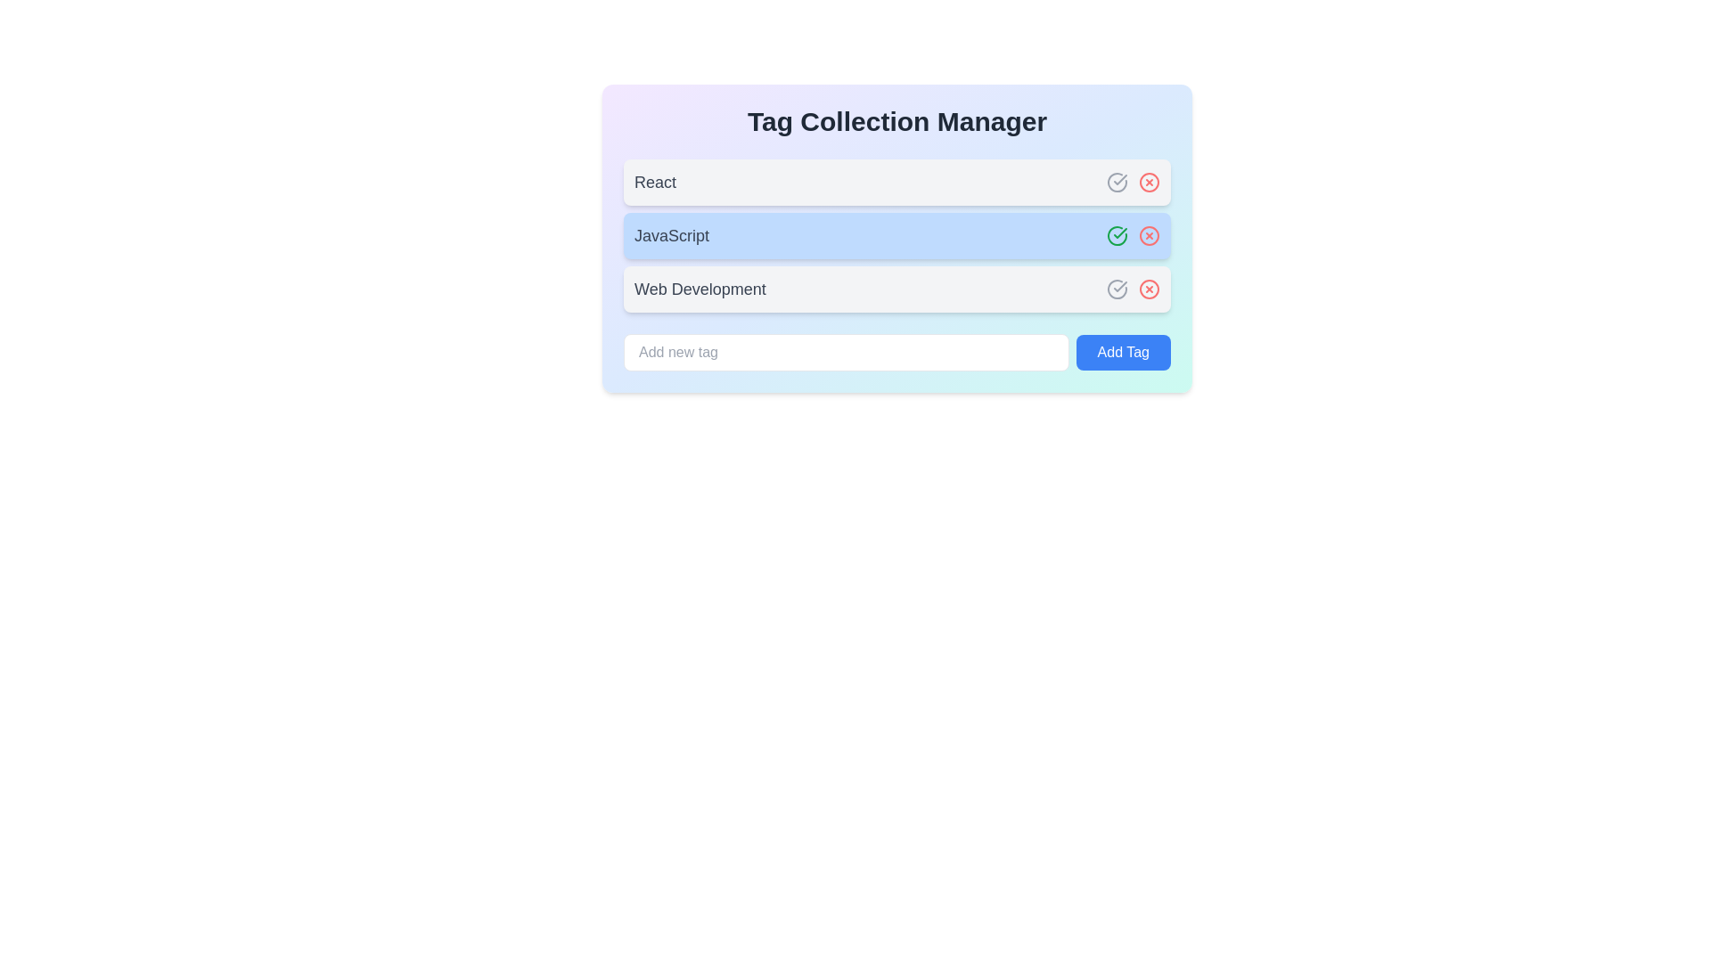  Describe the element at coordinates (1150, 288) in the screenshot. I see `the delete icon located on the right side of the 'Web Development' tag` at that location.